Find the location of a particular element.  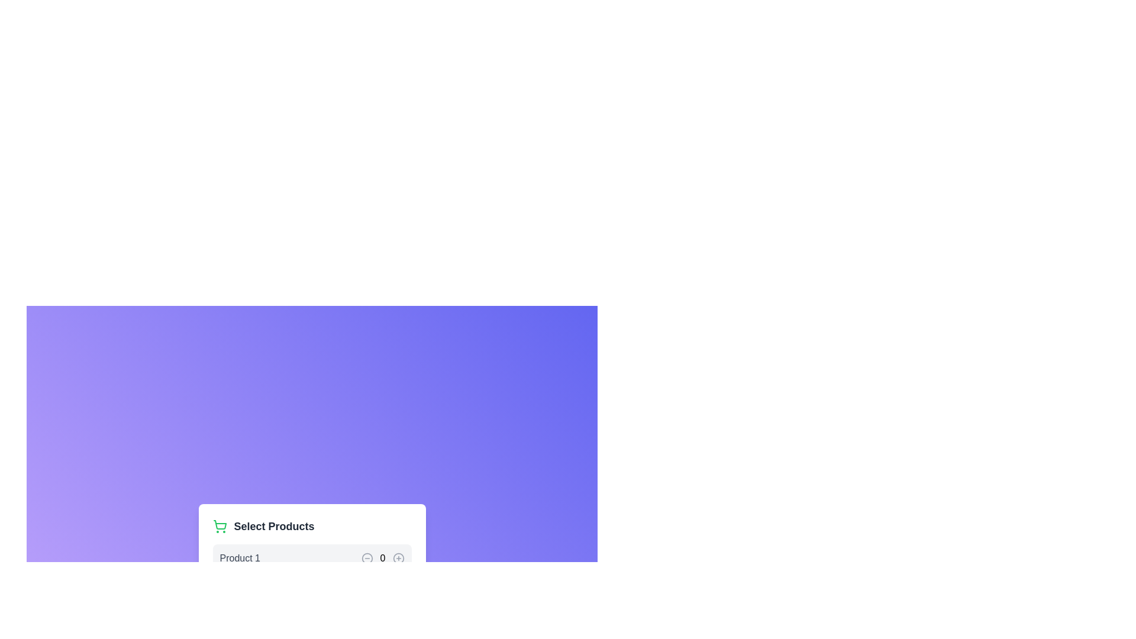

the 'Select Products' label, which features a green shopping cart icon on its left and is styled in a bold, larger font, positioned near the top of a card layout is located at coordinates (312, 526).